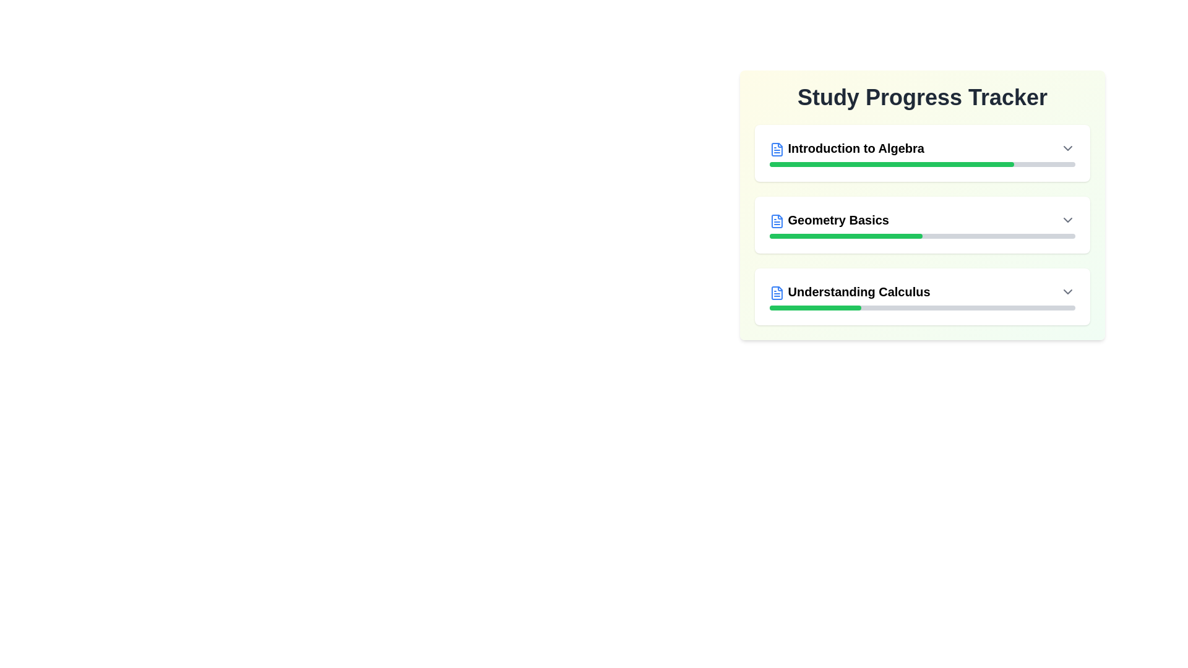  Describe the element at coordinates (816, 307) in the screenshot. I see `the Progress bar fill indicator that visually indicates 30% progress in the 'Understanding Calculus' section of the 'Study Progress Tracker'` at that location.